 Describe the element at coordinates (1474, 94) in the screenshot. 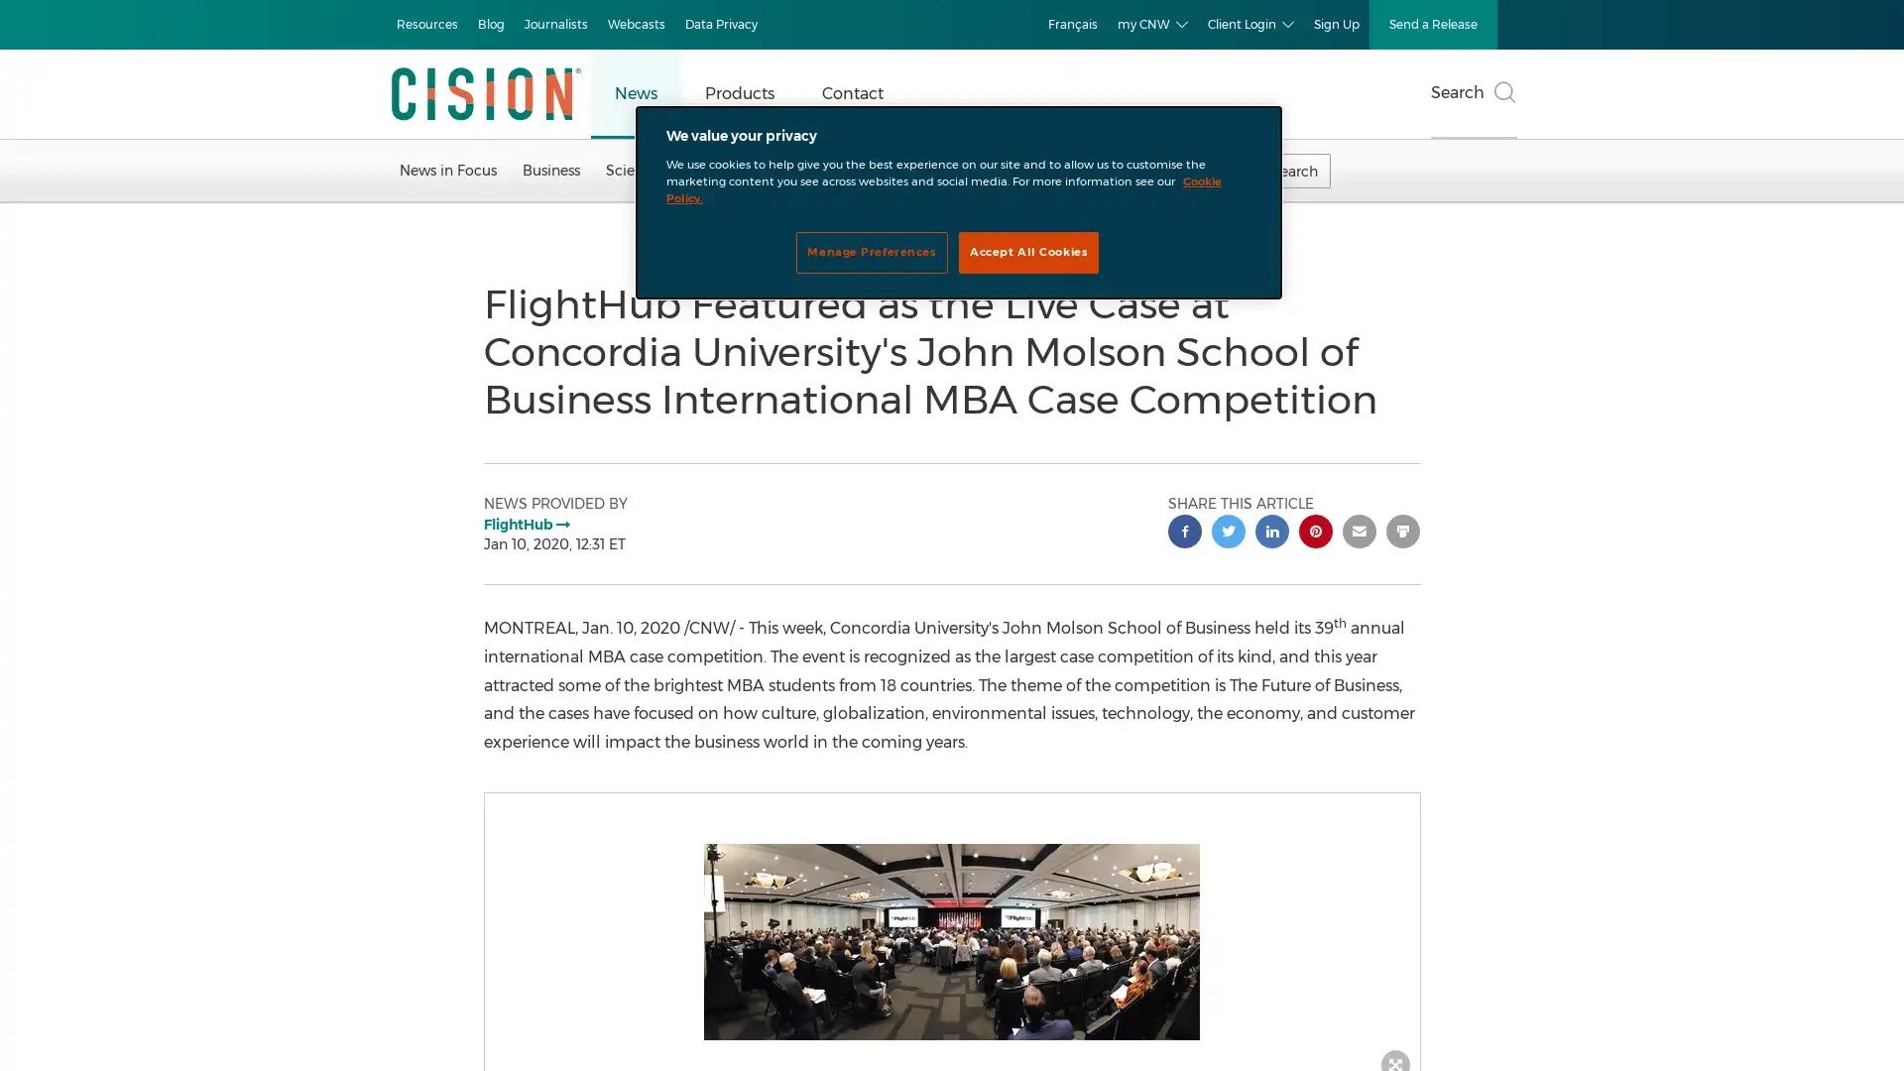

I see `Search` at that location.